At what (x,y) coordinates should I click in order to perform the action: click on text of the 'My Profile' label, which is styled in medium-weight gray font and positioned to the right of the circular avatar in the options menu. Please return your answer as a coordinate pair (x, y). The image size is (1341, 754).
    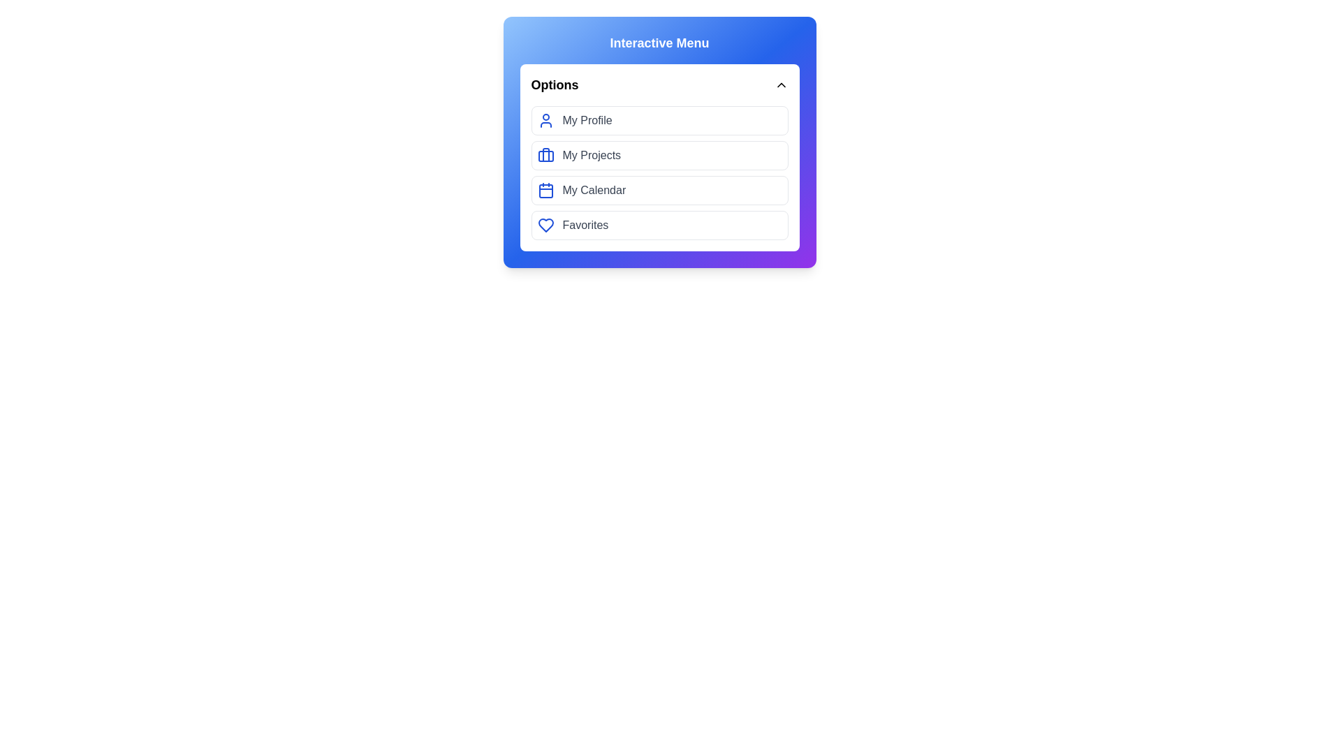
    Looking at the image, I should click on (587, 120).